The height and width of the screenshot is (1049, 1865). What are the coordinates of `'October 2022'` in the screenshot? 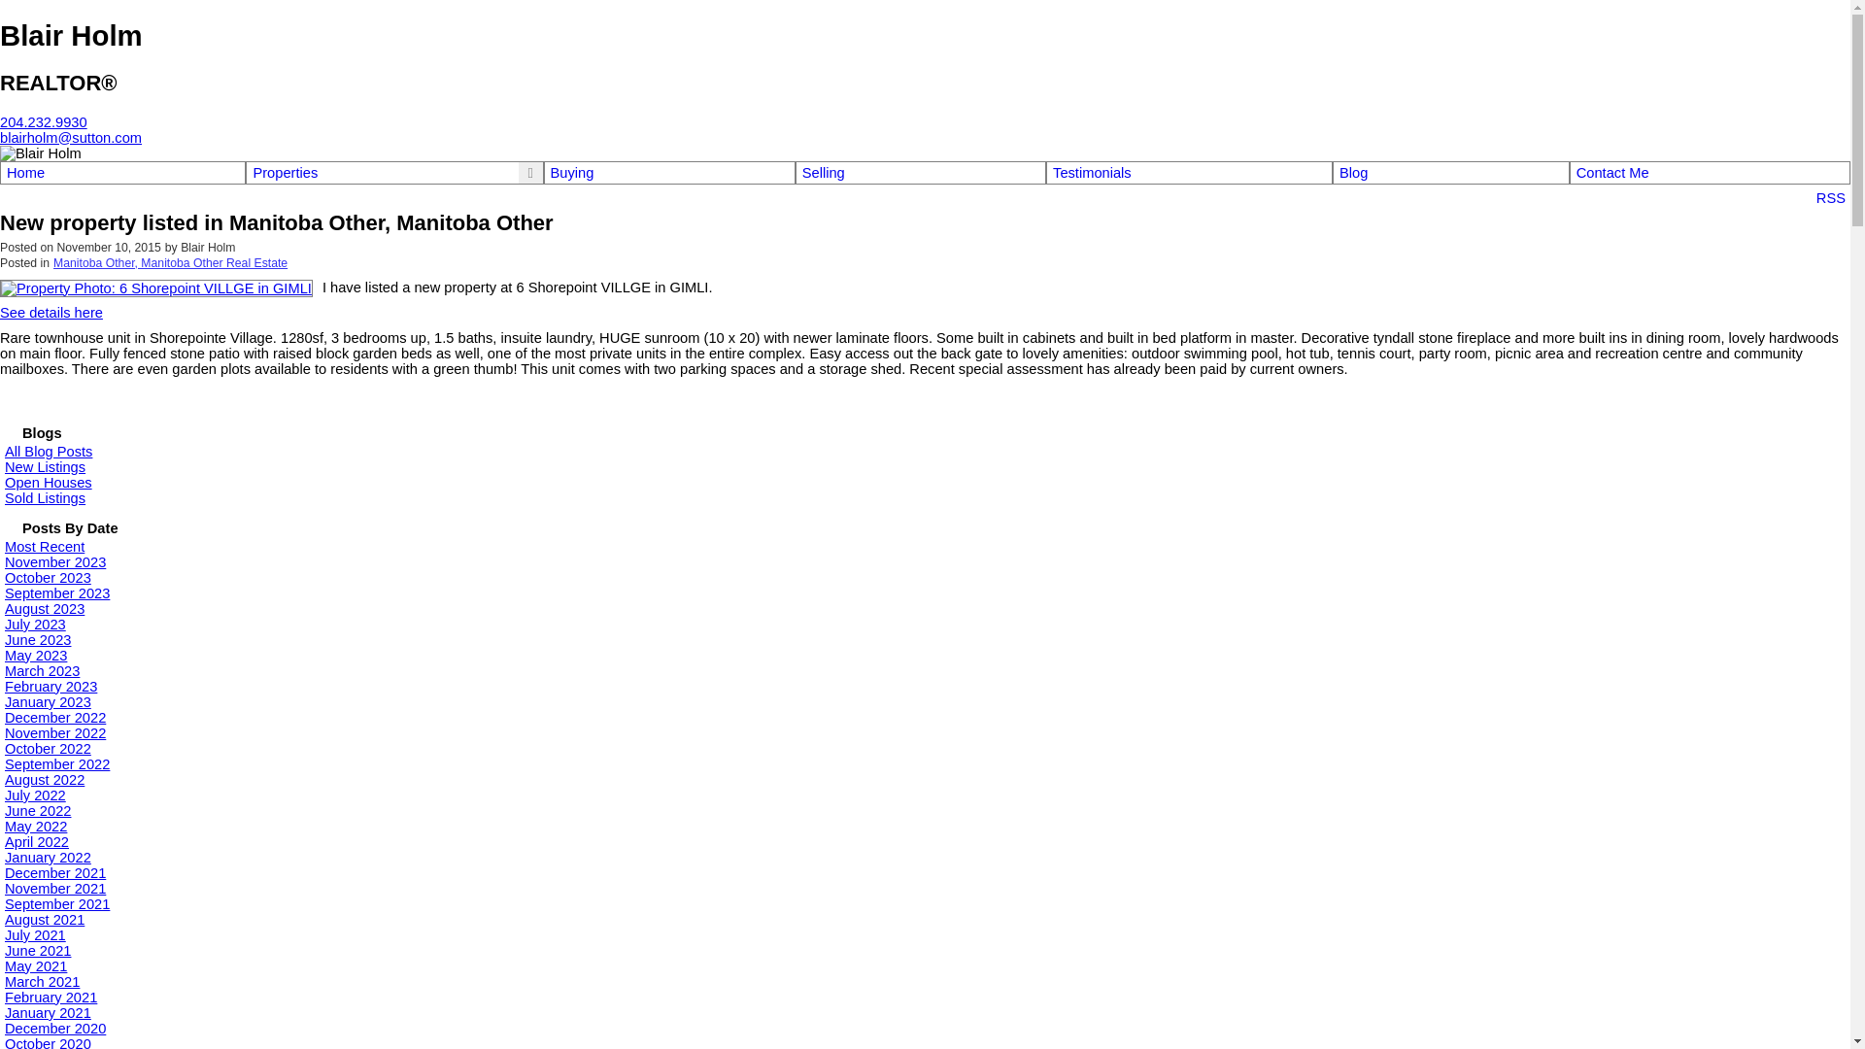 It's located at (4, 748).